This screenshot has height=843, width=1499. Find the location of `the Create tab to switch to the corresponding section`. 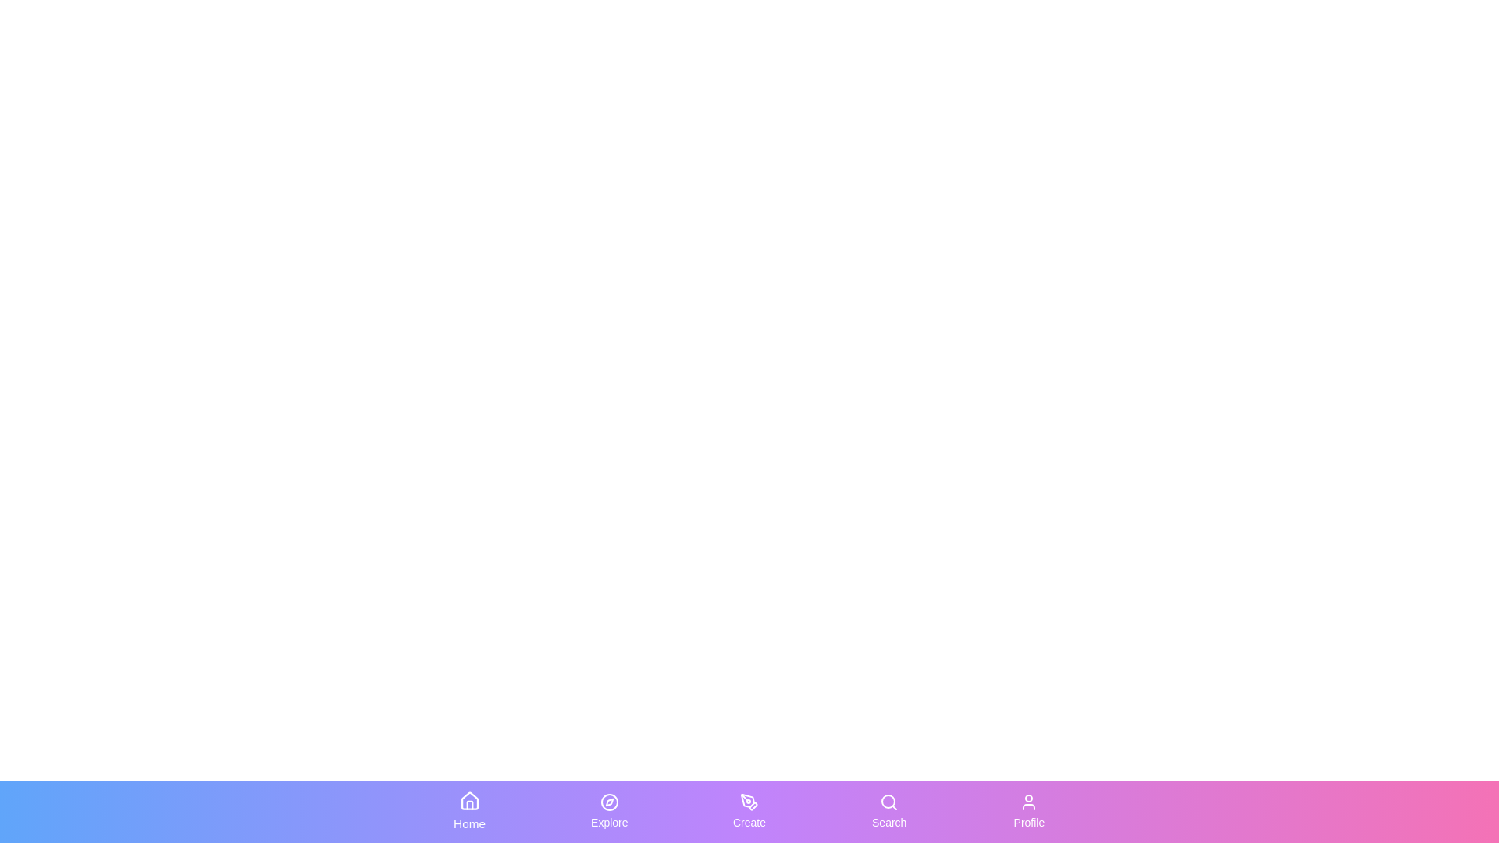

the Create tab to switch to the corresponding section is located at coordinates (749, 811).